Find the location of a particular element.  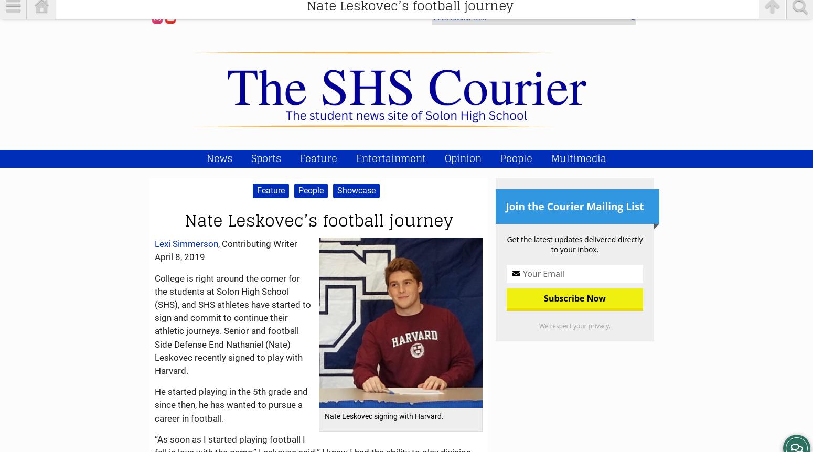

'We respect your privacy.' is located at coordinates (574, 325).